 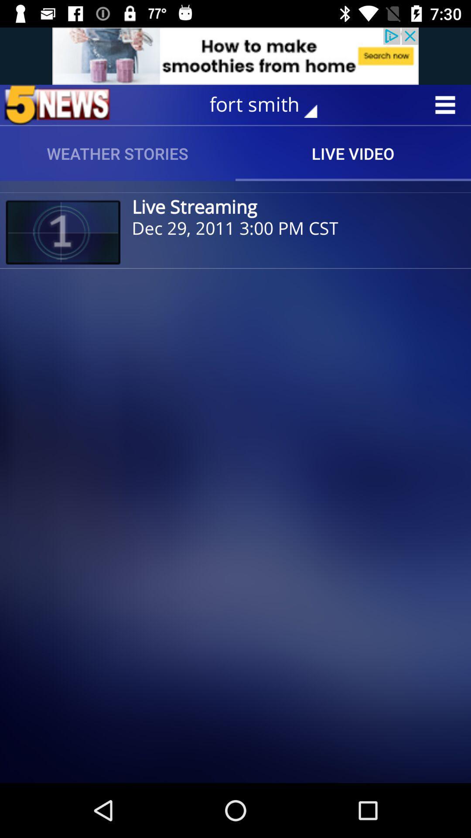 What do you see at coordinates (235, 55) in the screenshot?
I see `click advertisement` at bounding box center [235, 55].